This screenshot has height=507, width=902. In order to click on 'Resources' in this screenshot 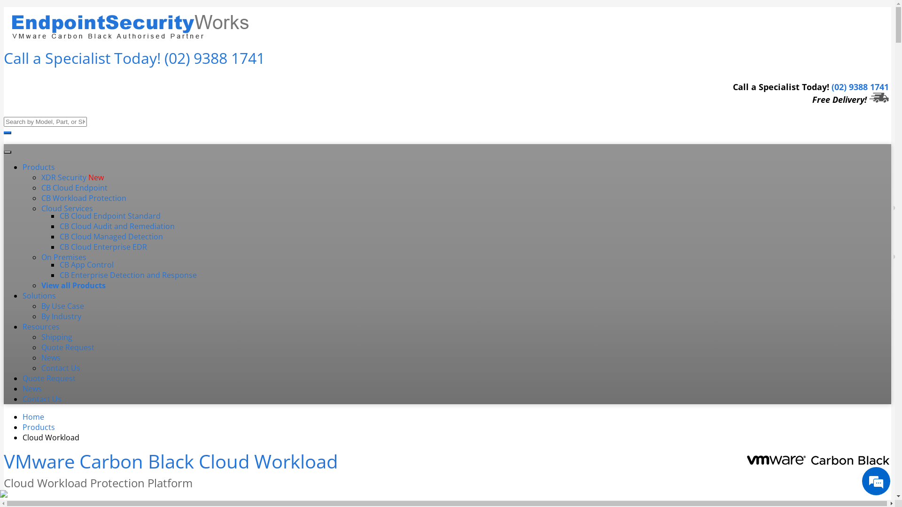, I will do `click(40, 326)`.